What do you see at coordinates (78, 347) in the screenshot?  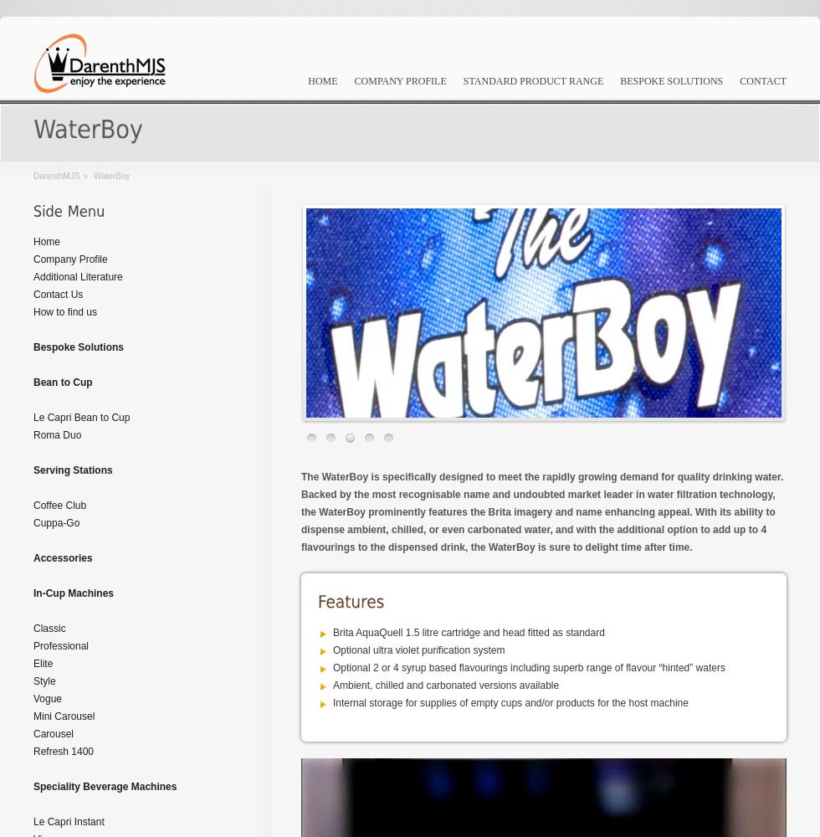 I see `'Bespoke Solutions'` at bounding box center [78, 347].